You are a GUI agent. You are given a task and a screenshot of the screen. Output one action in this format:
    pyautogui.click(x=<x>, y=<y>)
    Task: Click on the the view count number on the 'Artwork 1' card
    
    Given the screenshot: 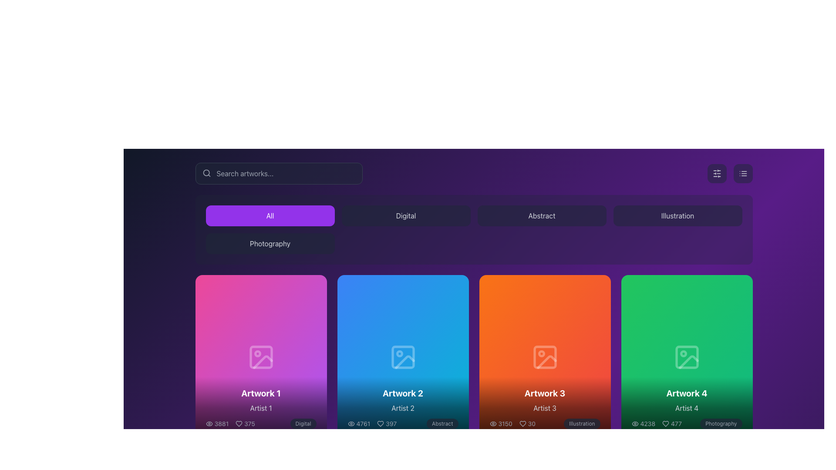 What is the action you would take?
    pyautogui.click(x=217, y=423)
    